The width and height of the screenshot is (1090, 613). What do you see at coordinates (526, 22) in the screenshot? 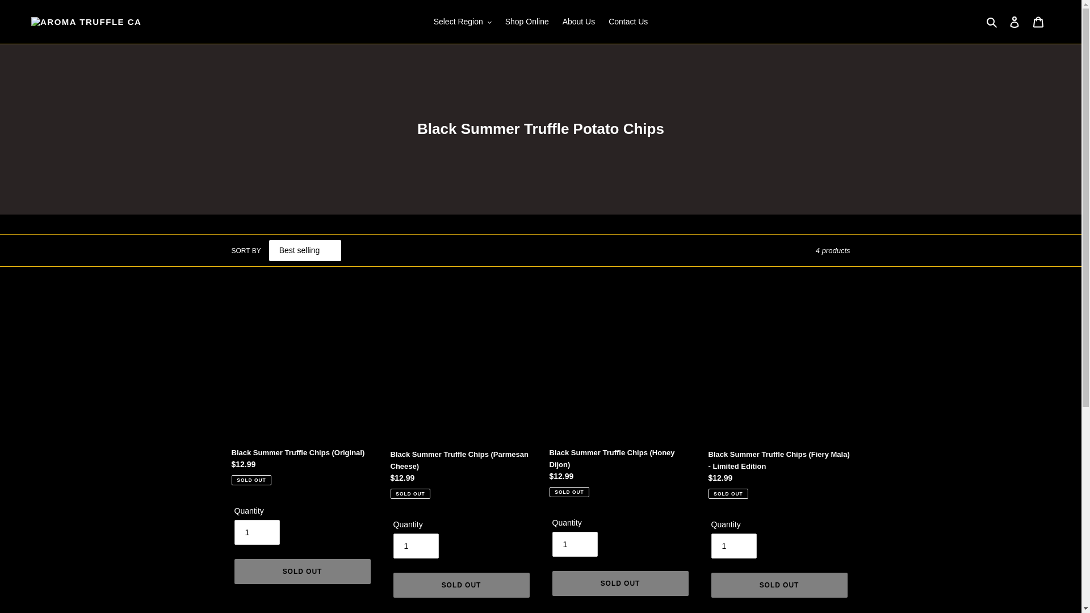
I see `'Shop Online'` at bounding box center [526, 22].